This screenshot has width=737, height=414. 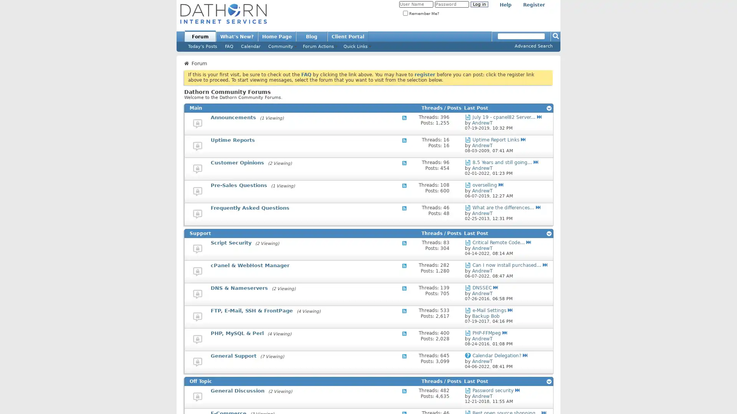 I want to click on Log in, so click(x=479, y=4).